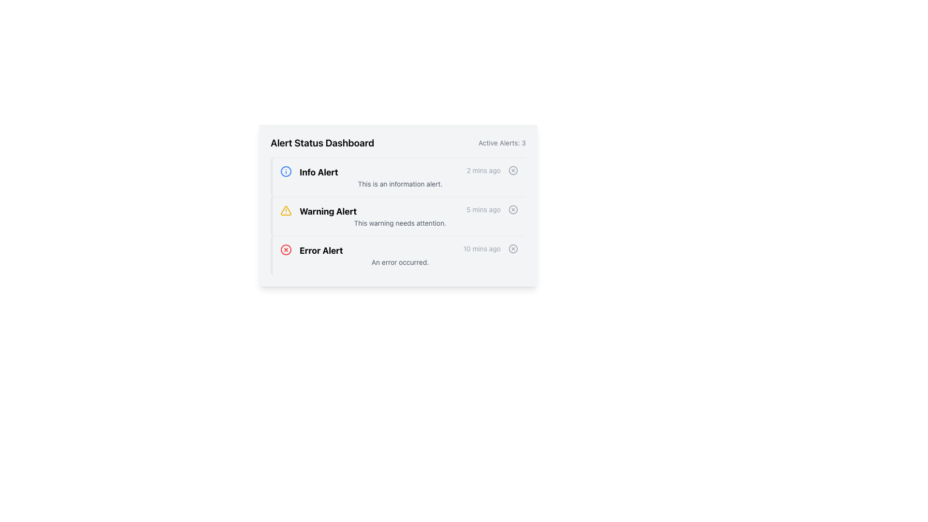  I want to click on the hollow circular button with an 'X' shape inside, located in the second row of the alert list, so click(512, 209).